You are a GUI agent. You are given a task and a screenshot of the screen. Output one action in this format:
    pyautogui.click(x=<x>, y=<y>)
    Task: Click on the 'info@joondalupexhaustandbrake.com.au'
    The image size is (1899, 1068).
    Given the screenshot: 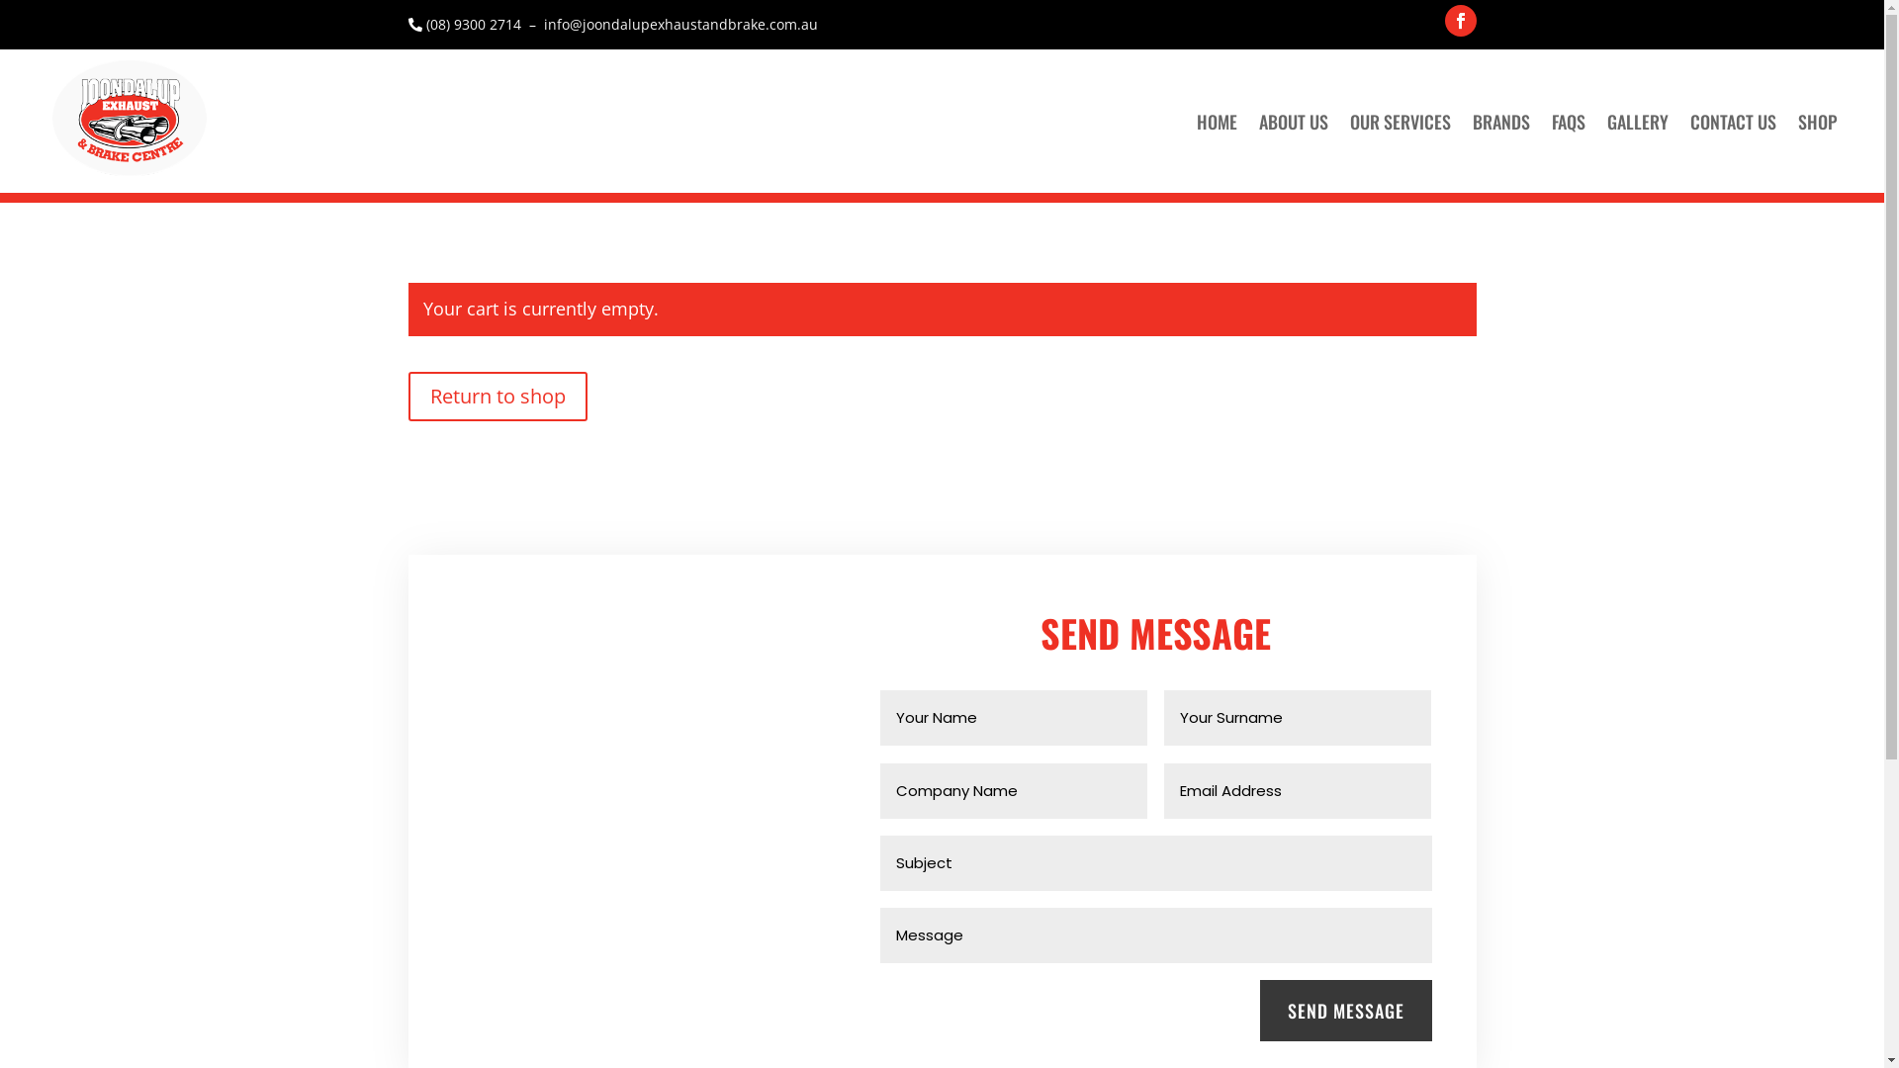 What is the action you would take?
    pyautogui.click(x=680, y=24)
    